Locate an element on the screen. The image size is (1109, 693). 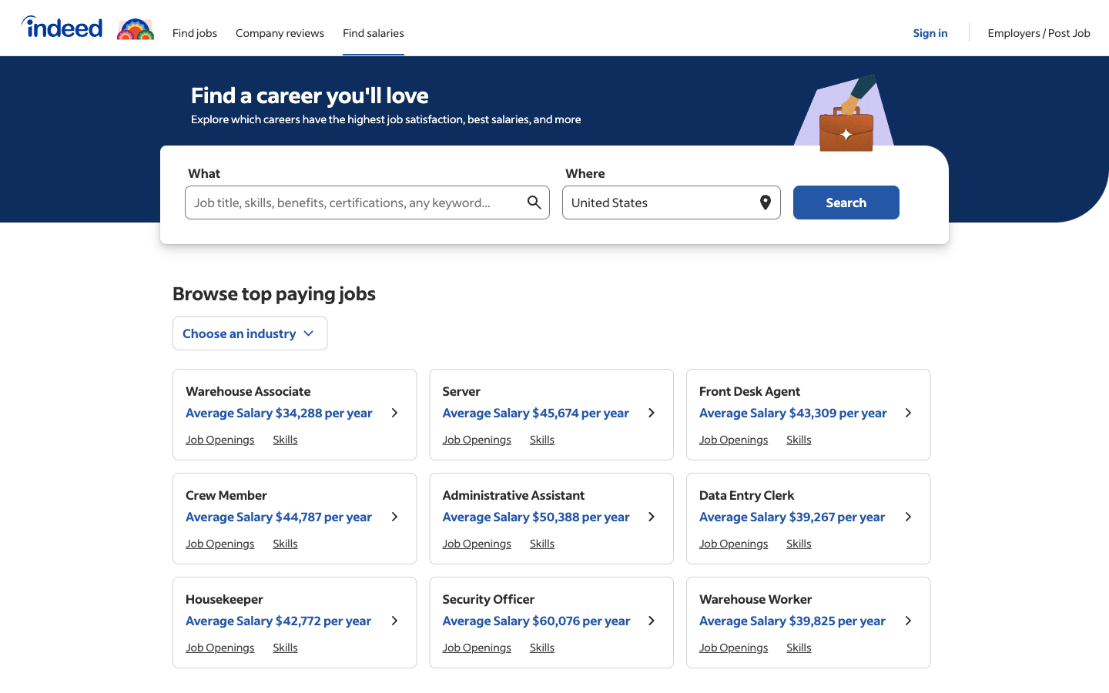
Exhibit additional data related to "Warehouse Associate is located at coordinates (394, 413).